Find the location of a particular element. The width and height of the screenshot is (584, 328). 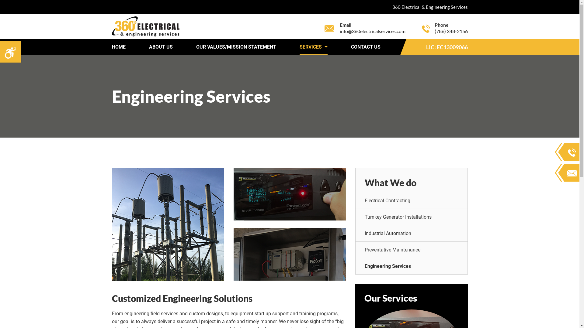

'Email is located at coordinates (365, 28).